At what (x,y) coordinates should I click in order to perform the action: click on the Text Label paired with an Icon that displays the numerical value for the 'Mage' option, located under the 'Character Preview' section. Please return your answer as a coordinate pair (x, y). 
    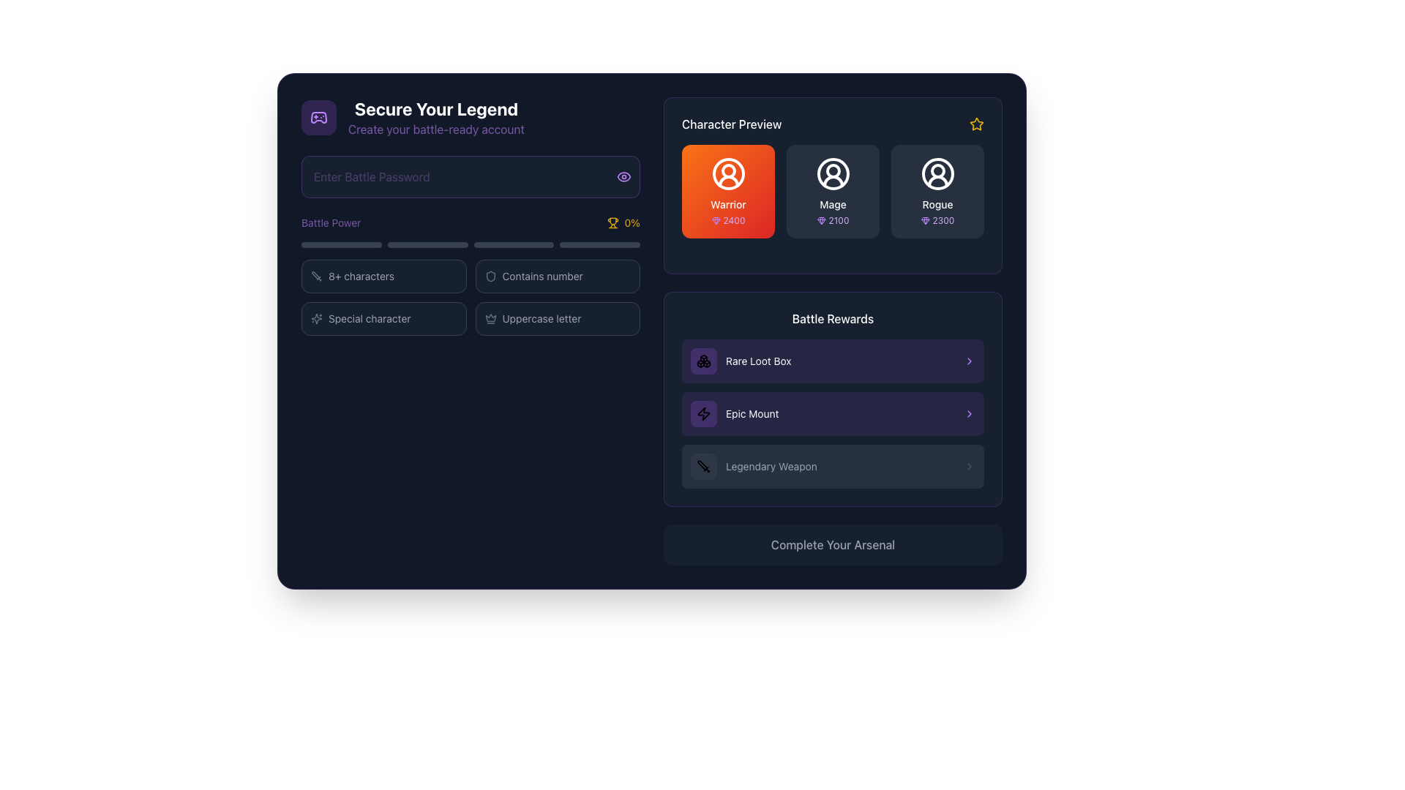
    Looking at the image, I should click on (833, 220).